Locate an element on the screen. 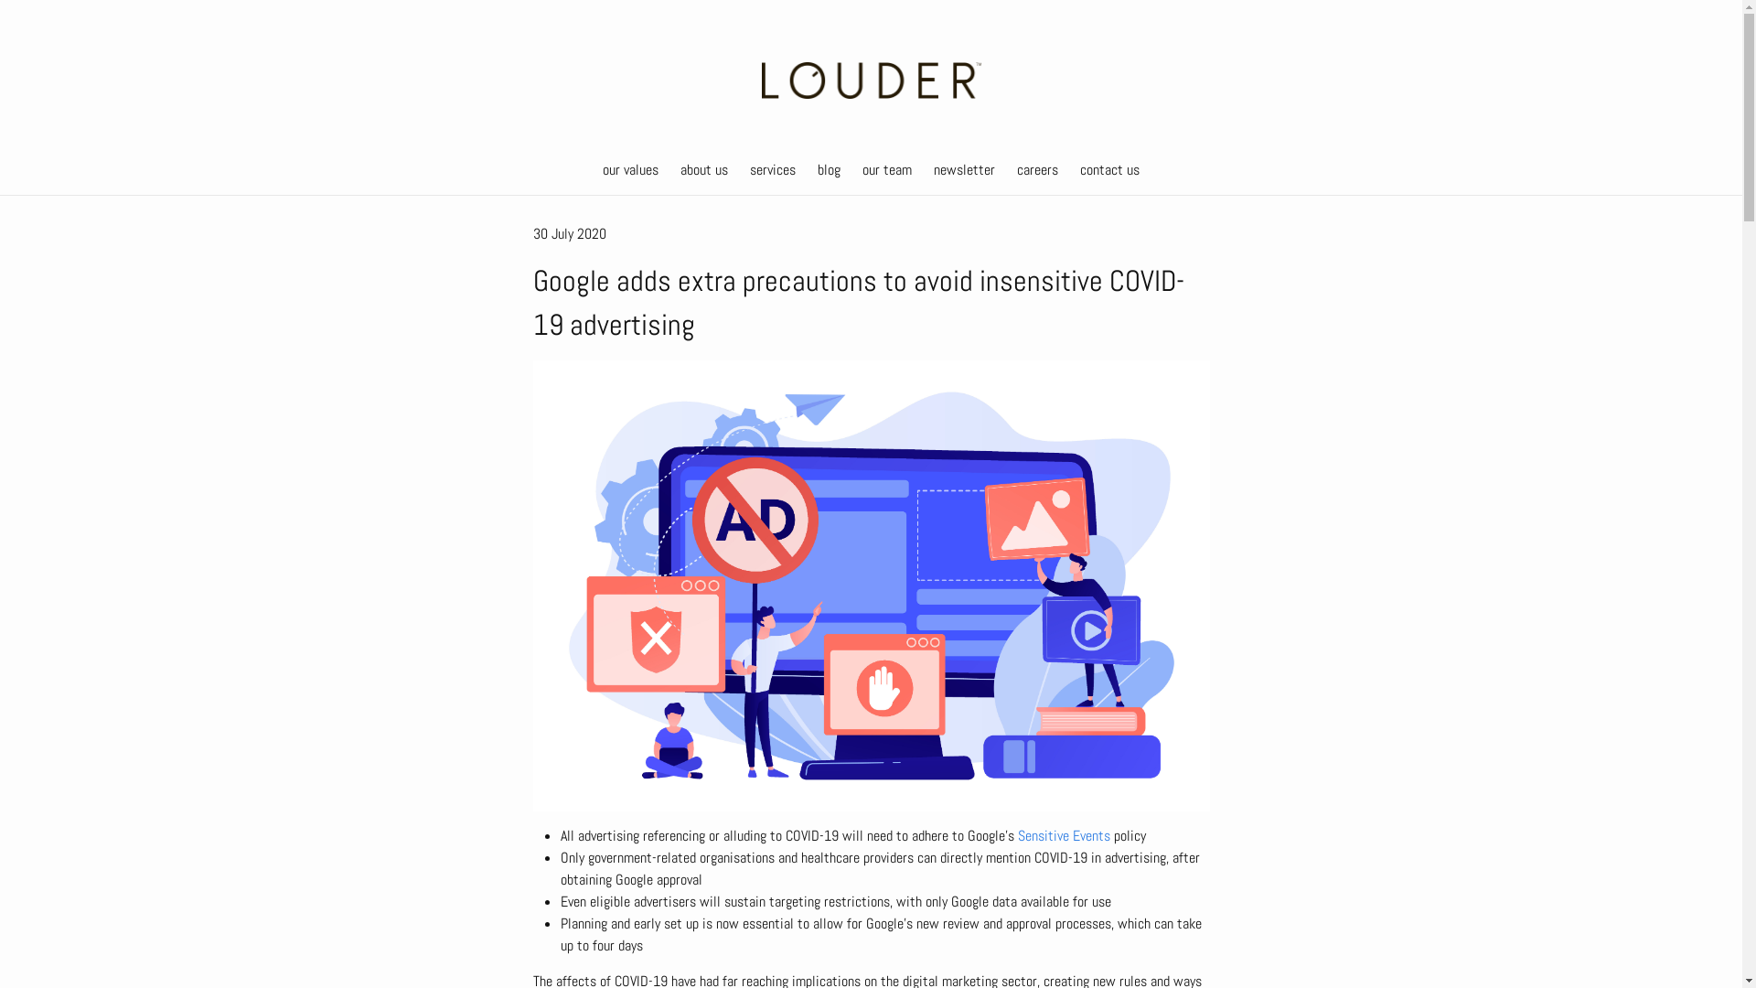 The width and height of the screenshot is (1756, 988). 'careers' is located at coordinates (1037, 169).